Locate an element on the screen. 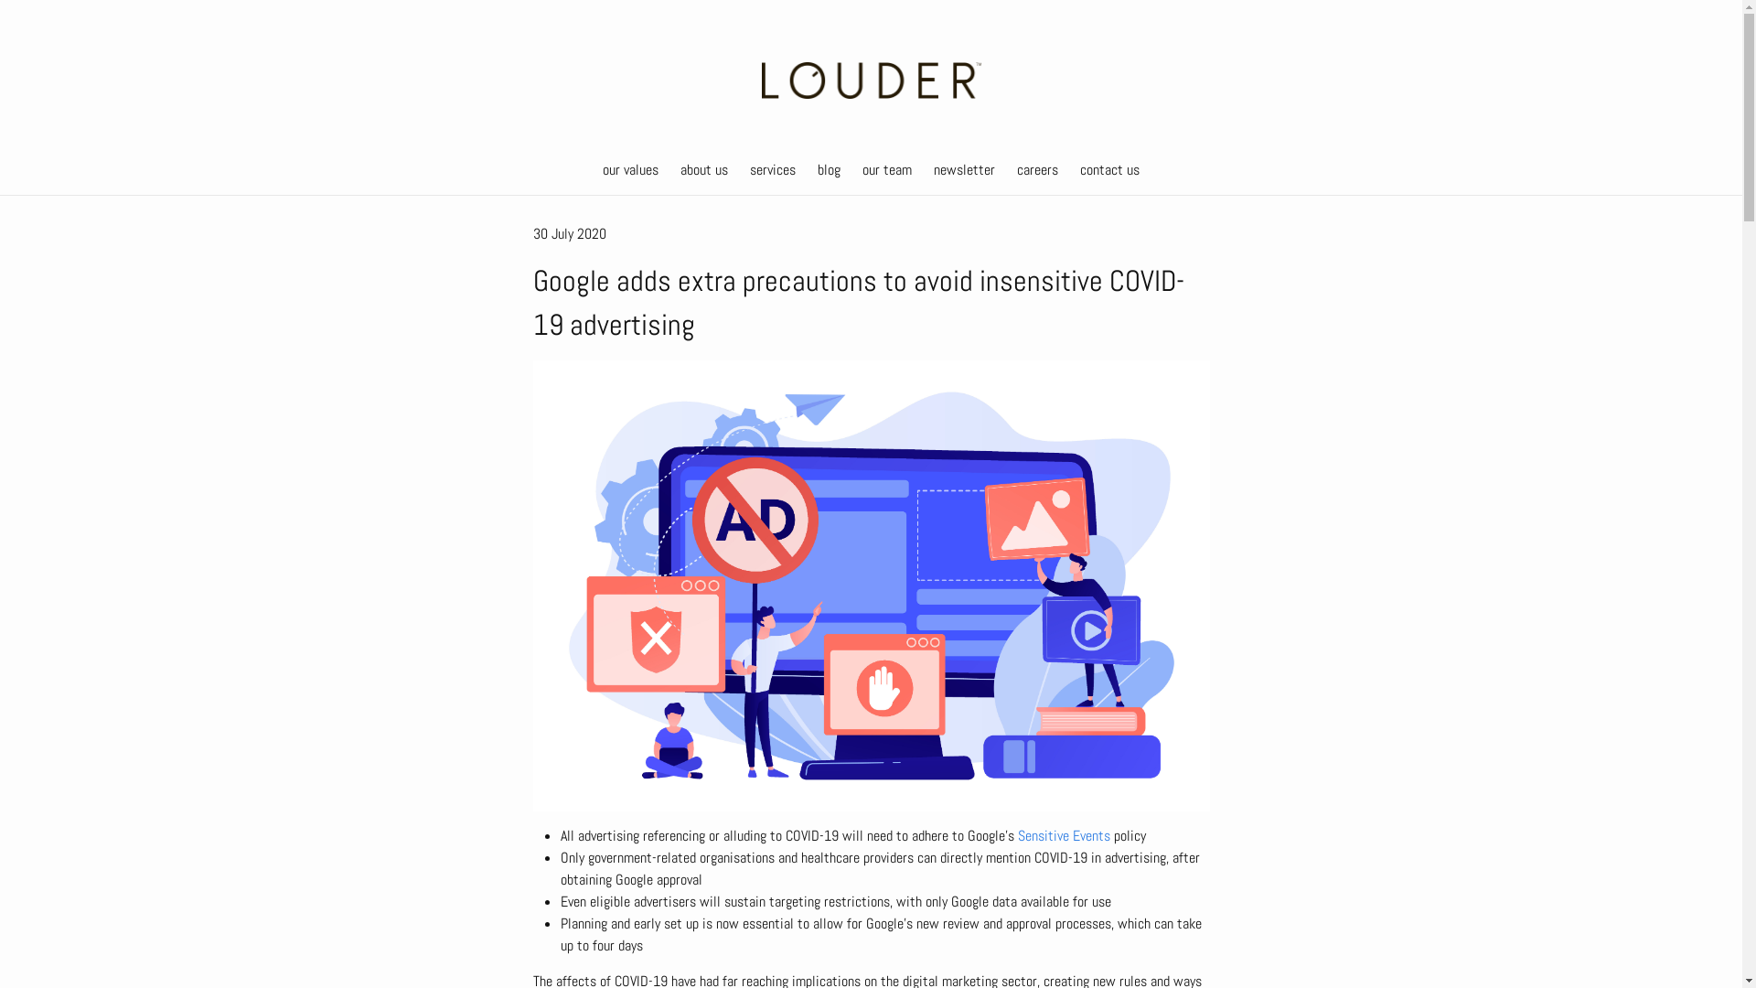 The width and height of the screenshot is (1756, 988). 'careers' is located at coordinates (1037, 169).